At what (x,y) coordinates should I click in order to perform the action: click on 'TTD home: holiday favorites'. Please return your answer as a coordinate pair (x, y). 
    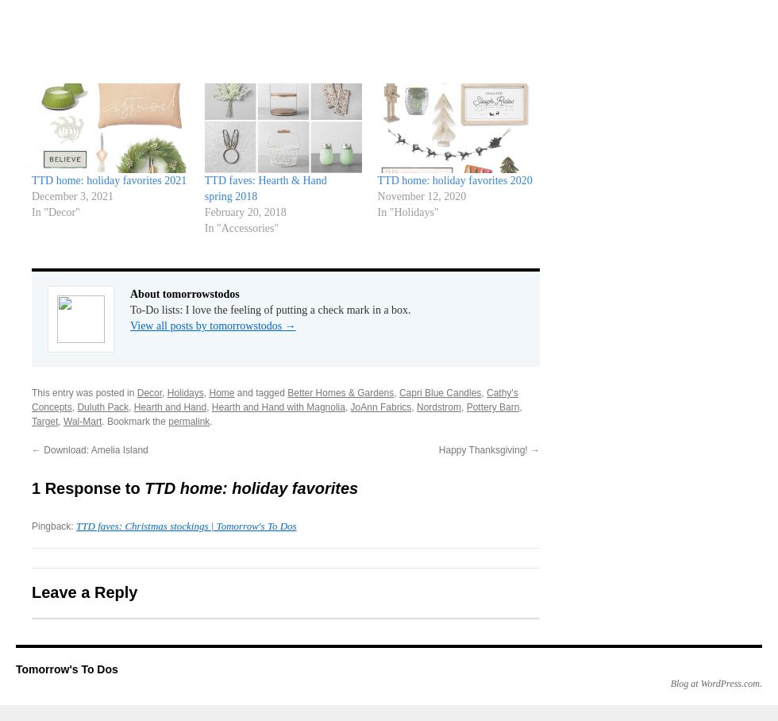
    Looking at the image, I should click on (251, 486).